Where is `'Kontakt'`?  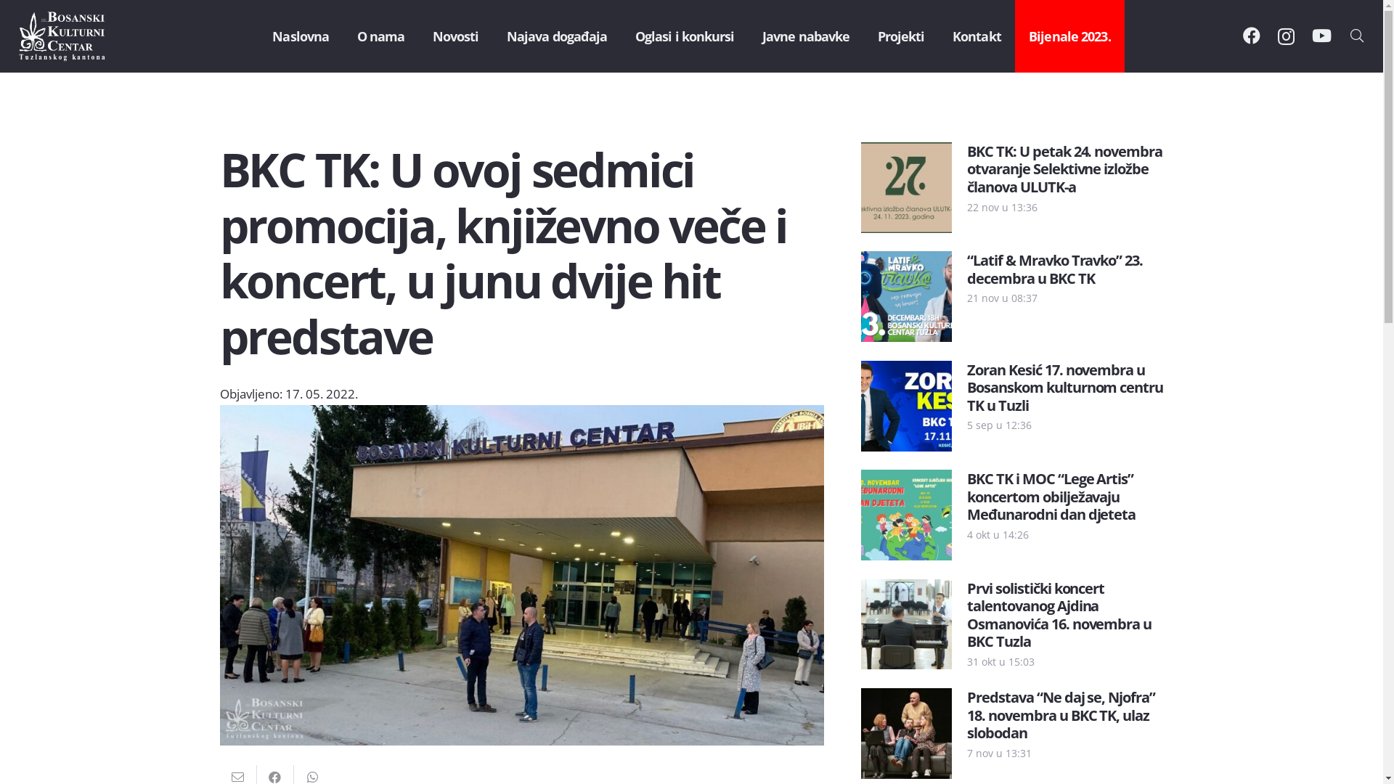
'Kontakt' is located at coordinates (977, 36).